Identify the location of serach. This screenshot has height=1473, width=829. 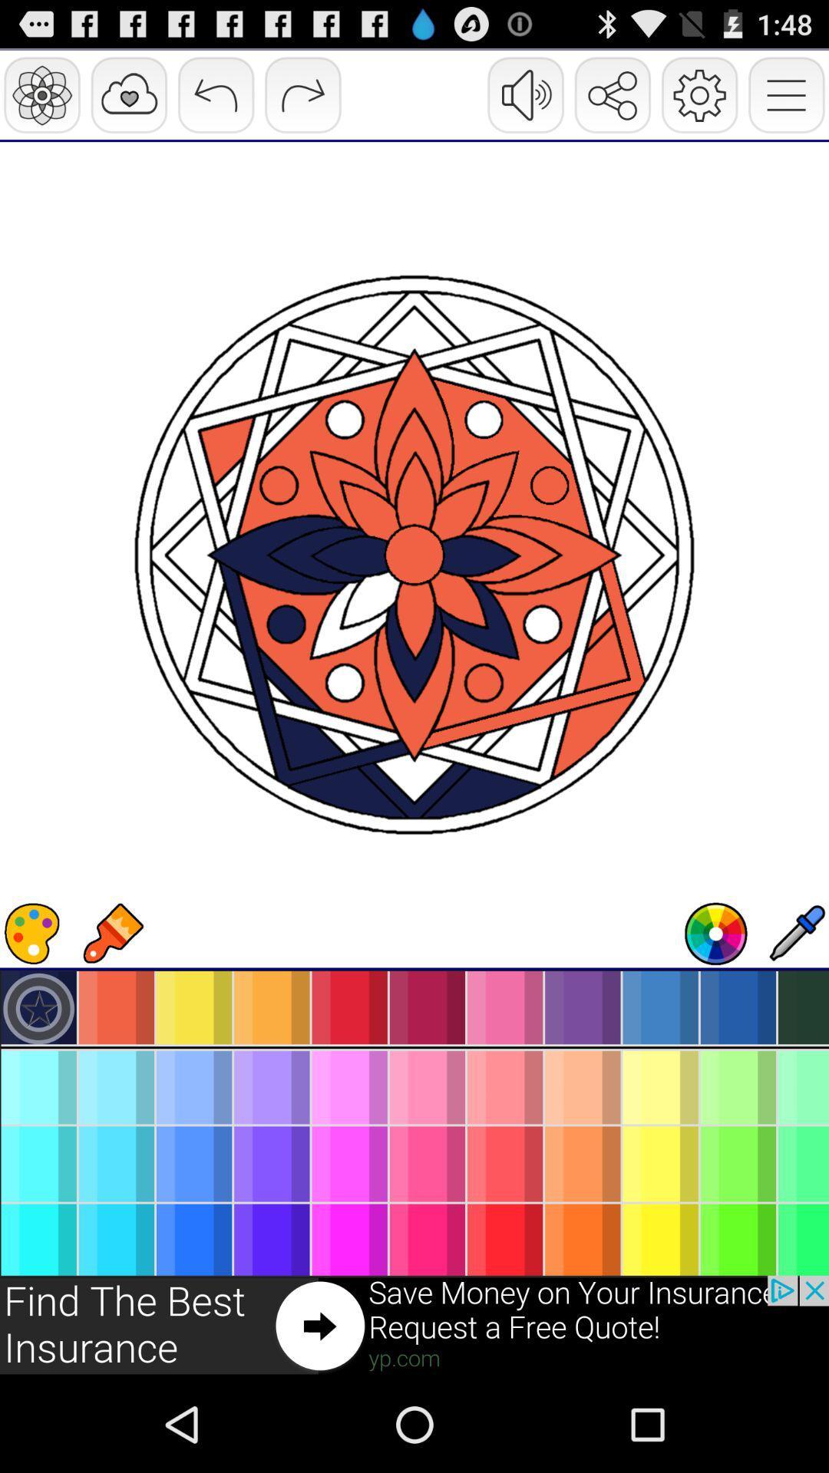
(716, 933).